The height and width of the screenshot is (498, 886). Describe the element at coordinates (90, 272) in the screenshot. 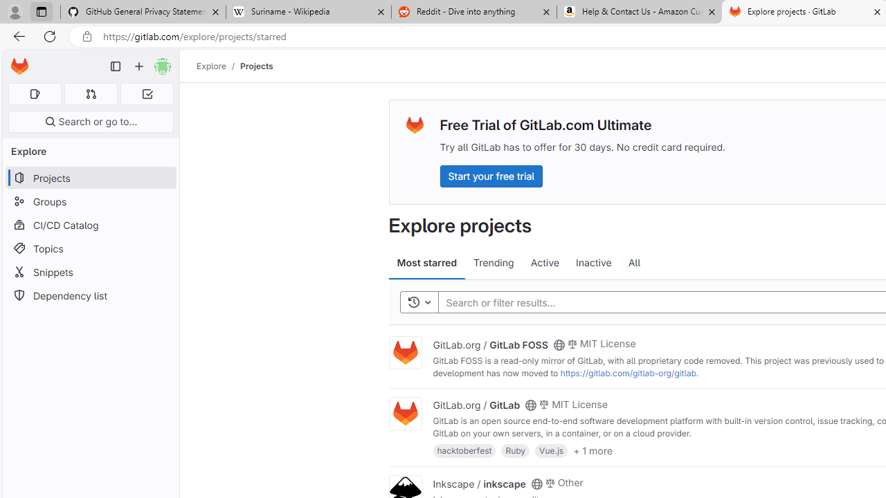

I see `'Snippets'` at that location.